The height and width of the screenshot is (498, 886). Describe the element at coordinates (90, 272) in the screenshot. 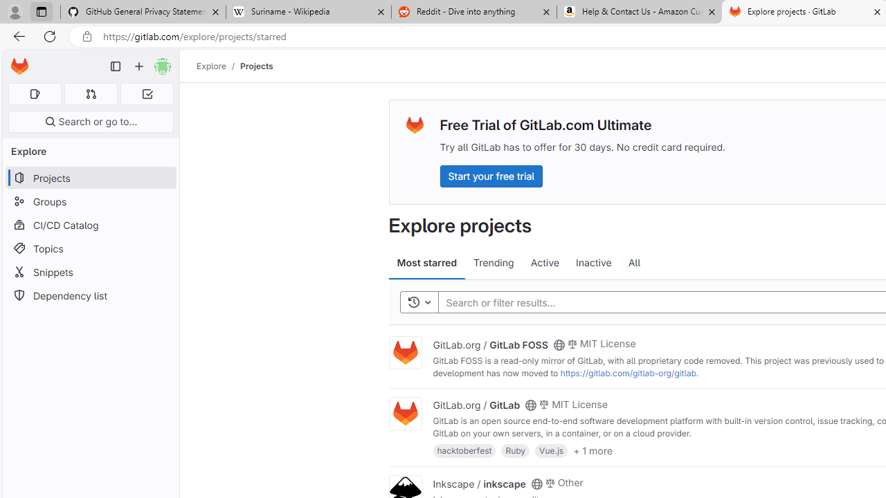

I see `'Snippets'` at that location.